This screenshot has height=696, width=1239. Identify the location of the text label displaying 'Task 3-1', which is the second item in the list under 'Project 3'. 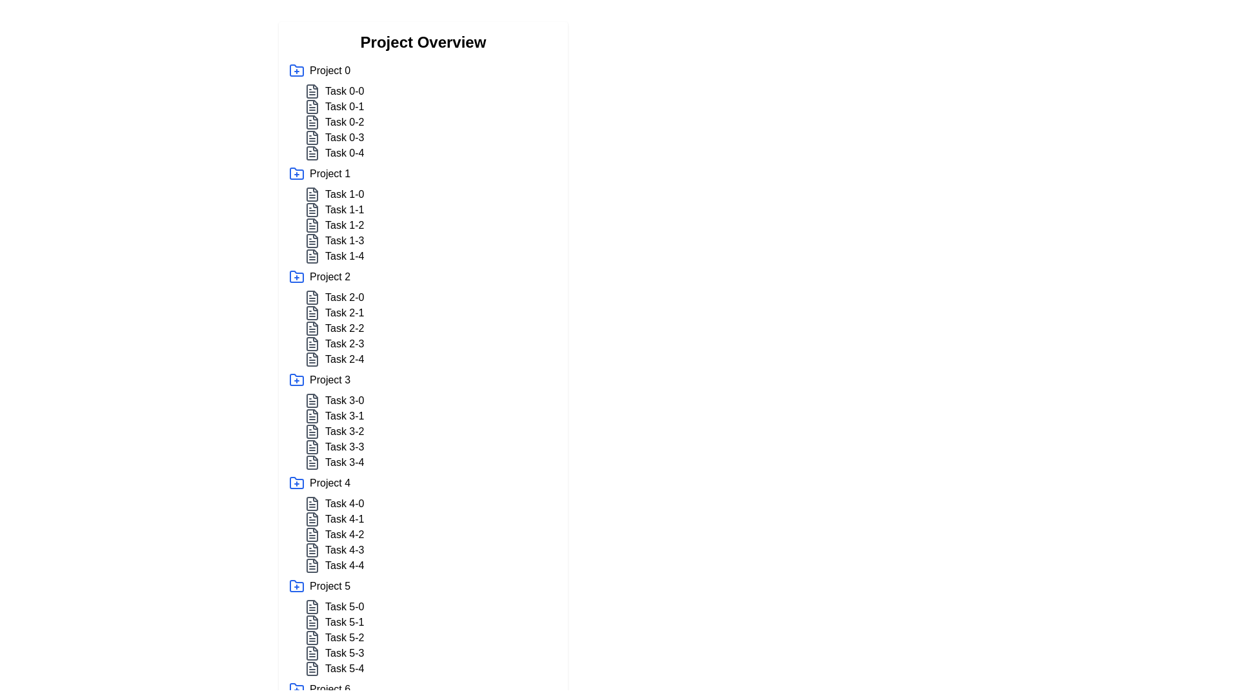
(345, 416).